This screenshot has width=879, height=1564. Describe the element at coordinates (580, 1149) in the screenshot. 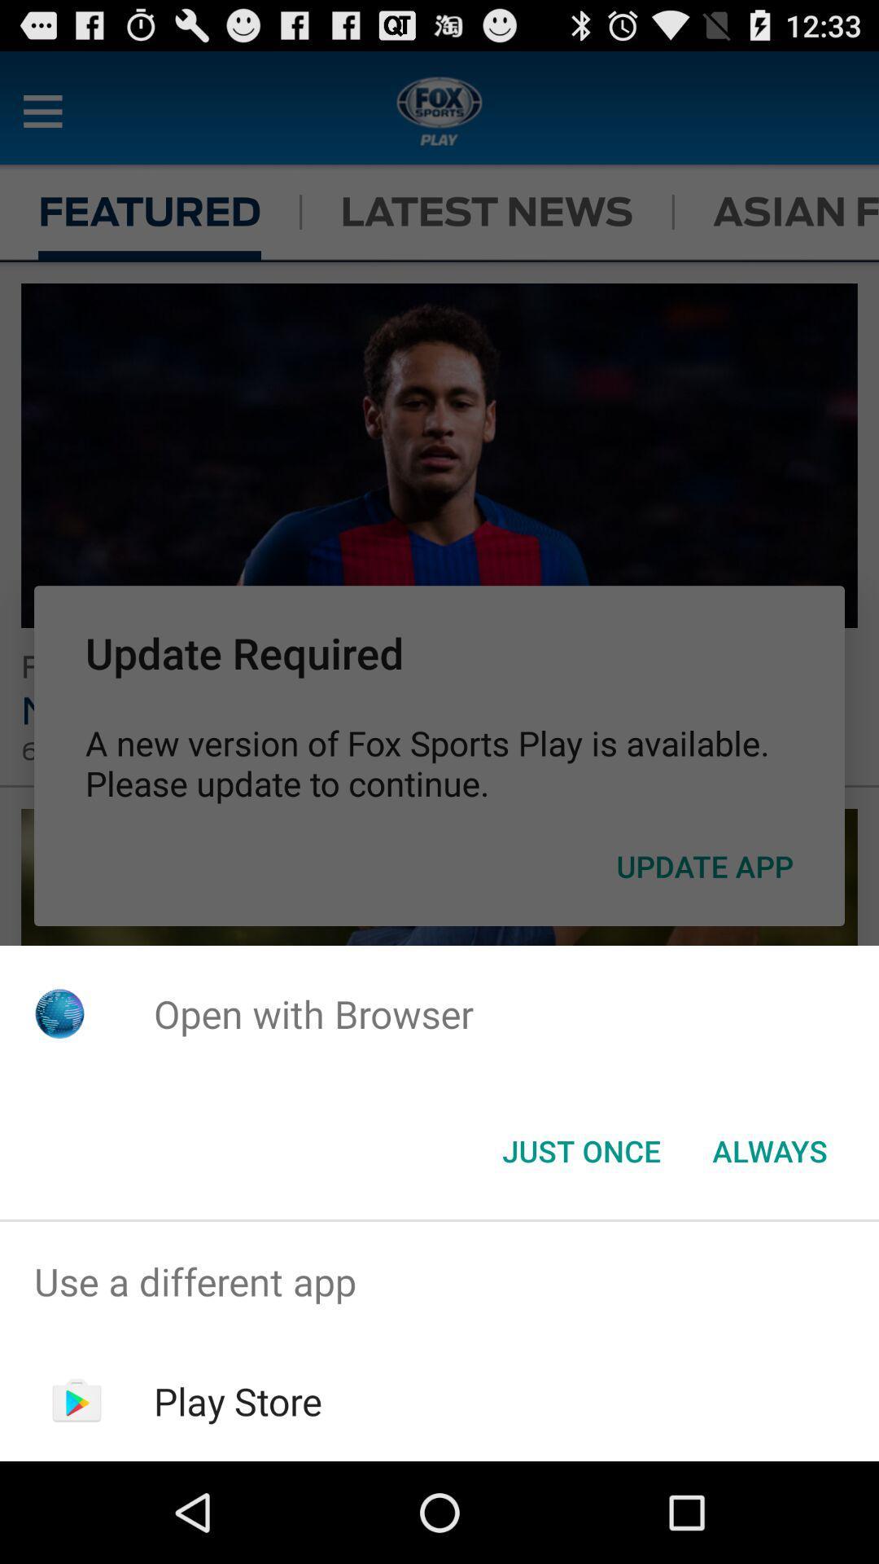

I see `just once button` at that location.